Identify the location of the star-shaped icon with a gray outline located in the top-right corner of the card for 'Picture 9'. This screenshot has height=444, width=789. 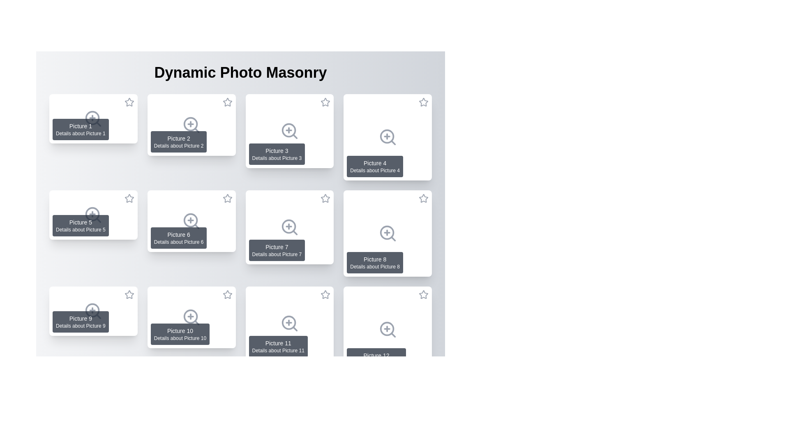
(129, 294).